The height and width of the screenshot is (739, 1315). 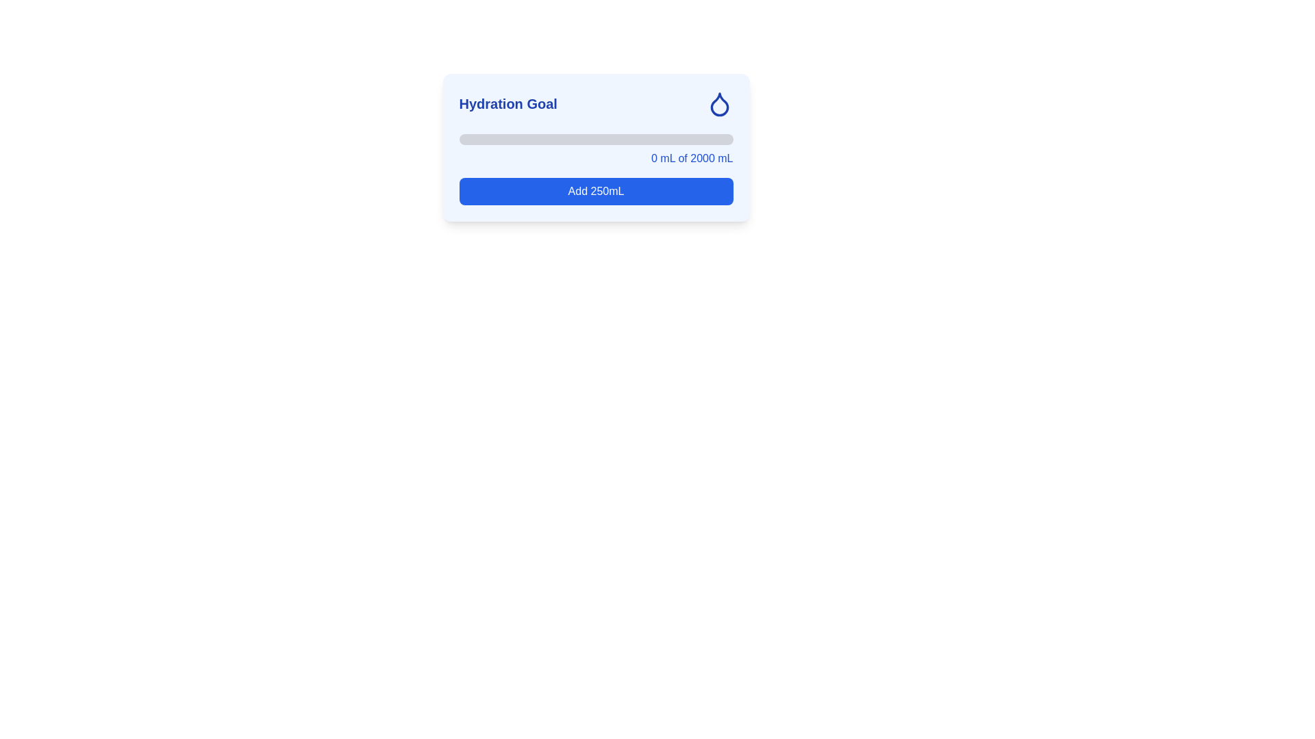 I want to click on the droplet-shaped icon with a blue outline located in the top-right corner of the 'Hydration Goal' card layout, so click(x=718, y=103).